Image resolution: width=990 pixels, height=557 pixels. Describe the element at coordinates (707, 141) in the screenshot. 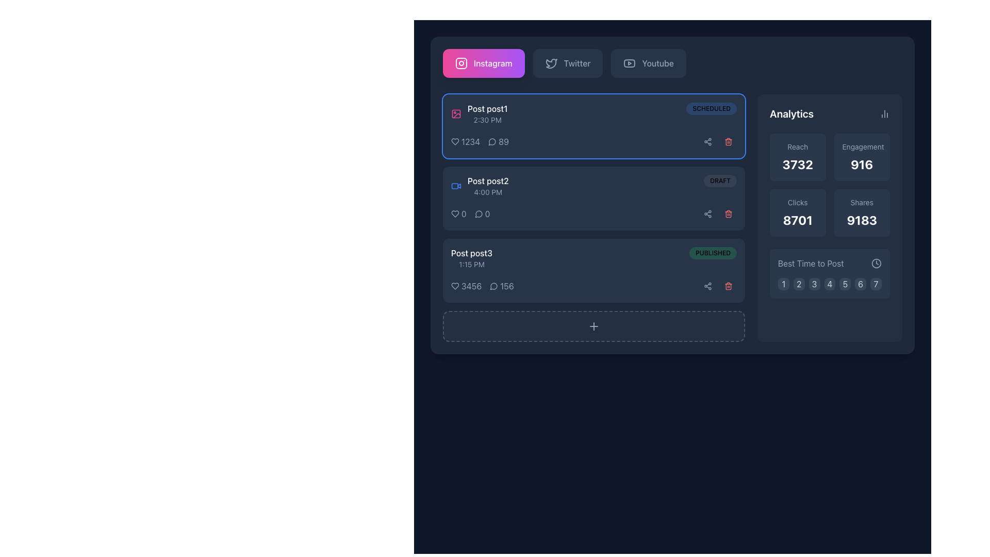

I see `the share button icon located at the top-right corner of the list item labeled 'Post post1'` at that location.